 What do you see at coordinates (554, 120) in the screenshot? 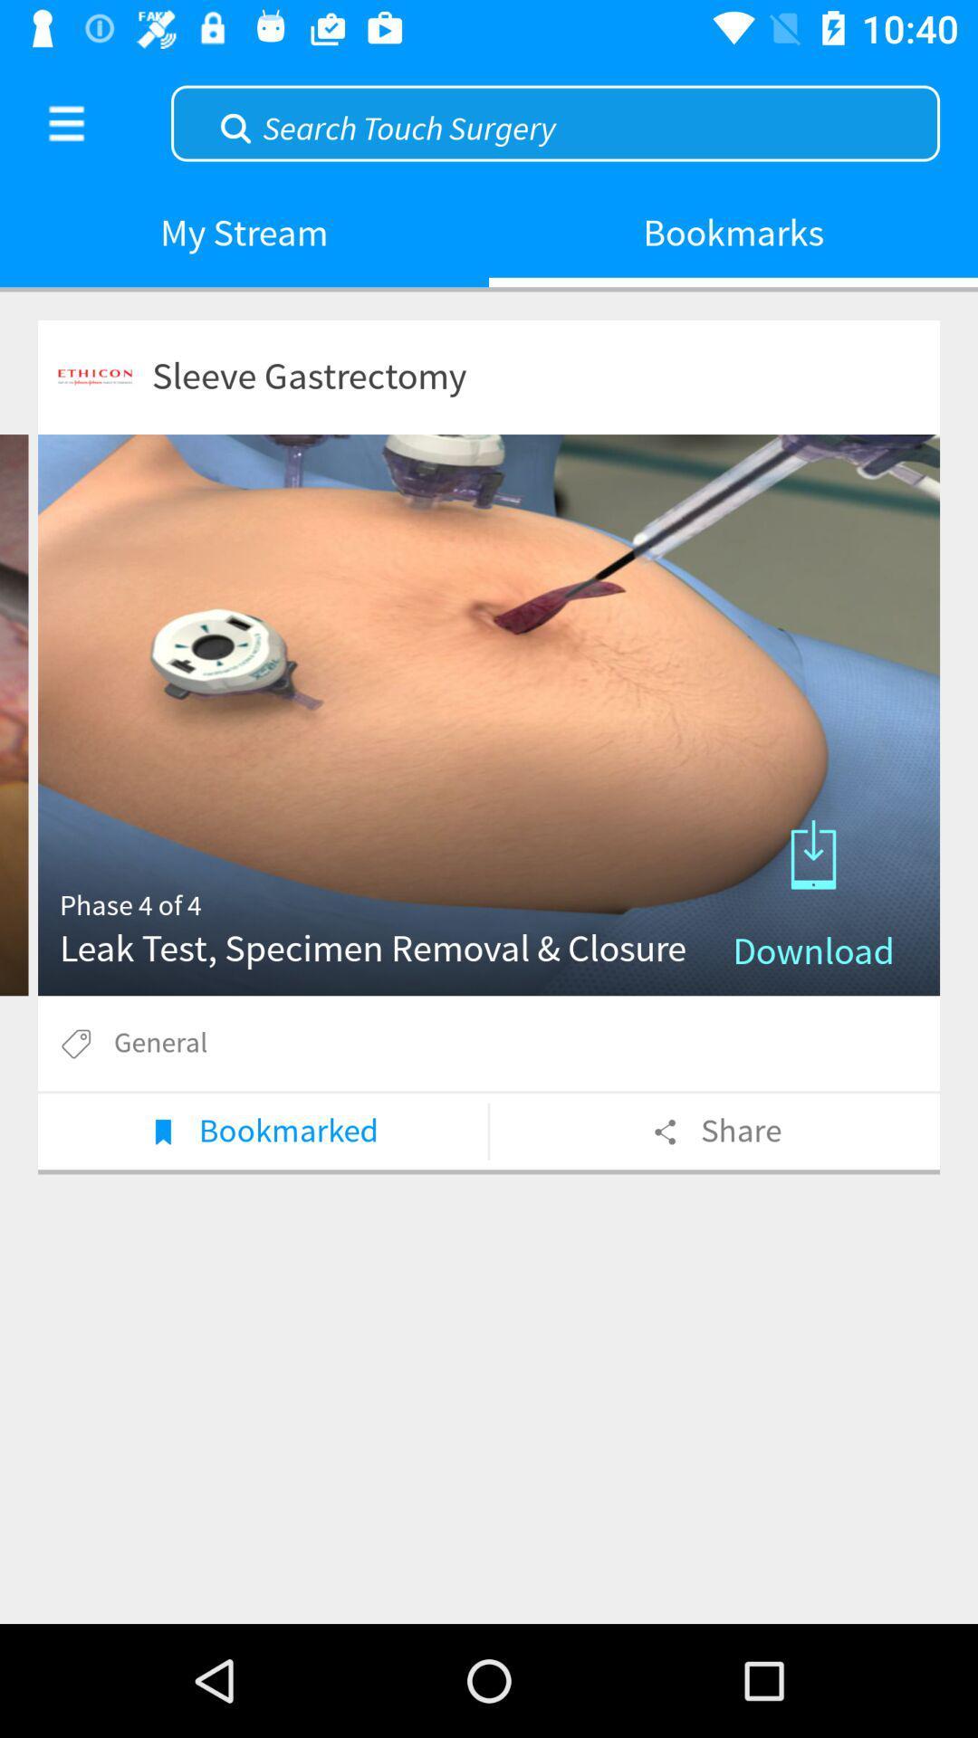
I see `search function` at bounding box center [554, 120].